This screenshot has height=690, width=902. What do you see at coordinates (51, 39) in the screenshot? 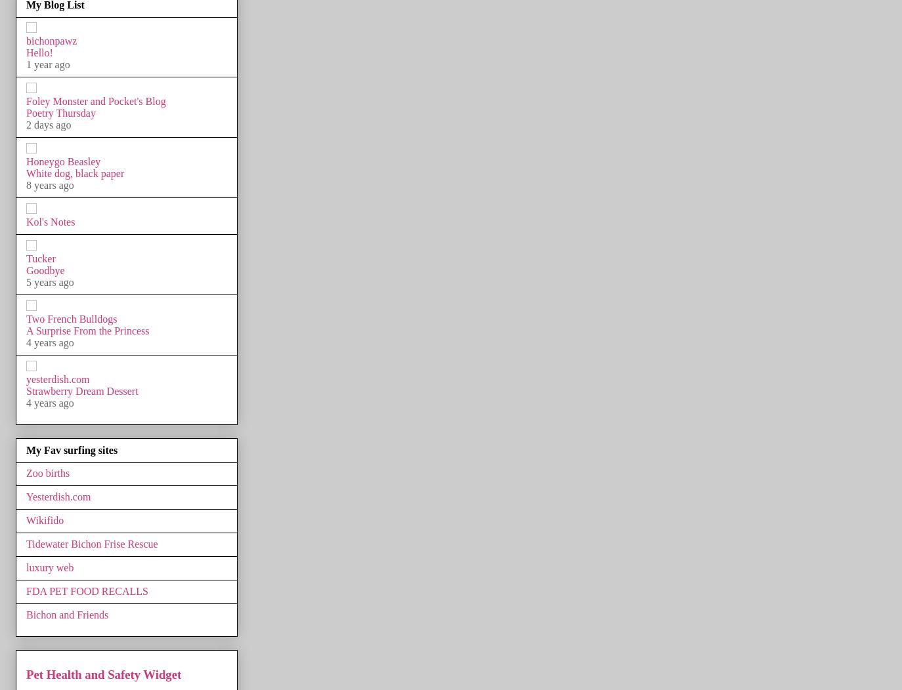
I see `'bichonpawz'` at bounding box center [51, 39].